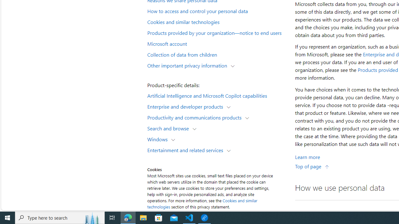 The width and height of the screenshot is (399, 224). I want to click on 'Entertainment and related services', so click(186, 150).